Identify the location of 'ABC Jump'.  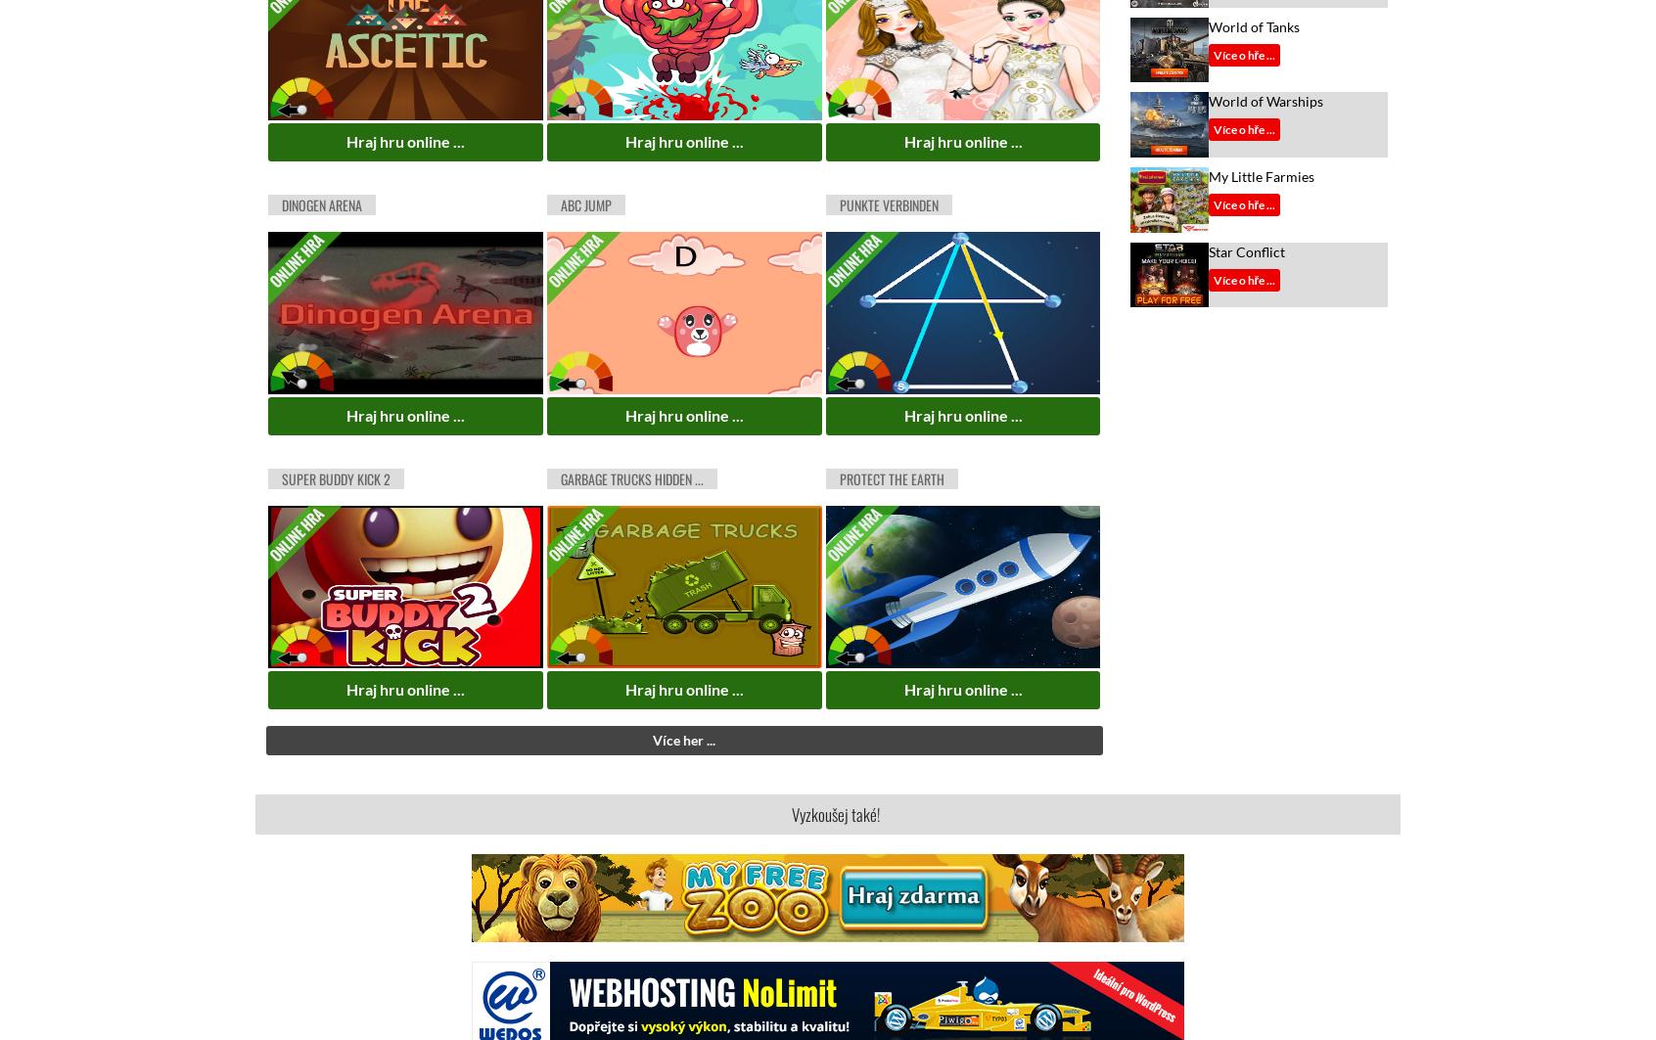
(583, 204).